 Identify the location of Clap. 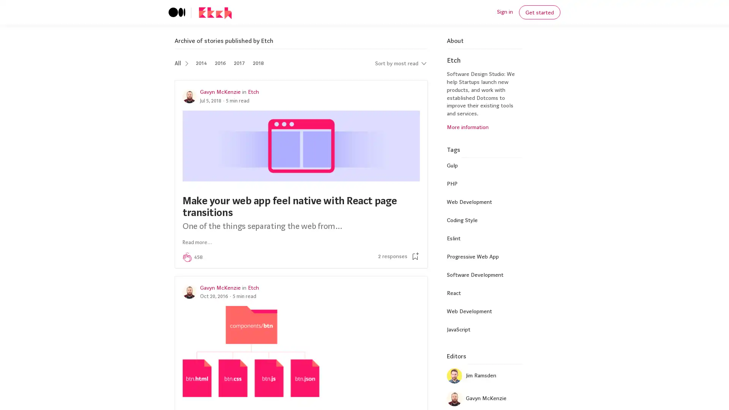
(187, 257).